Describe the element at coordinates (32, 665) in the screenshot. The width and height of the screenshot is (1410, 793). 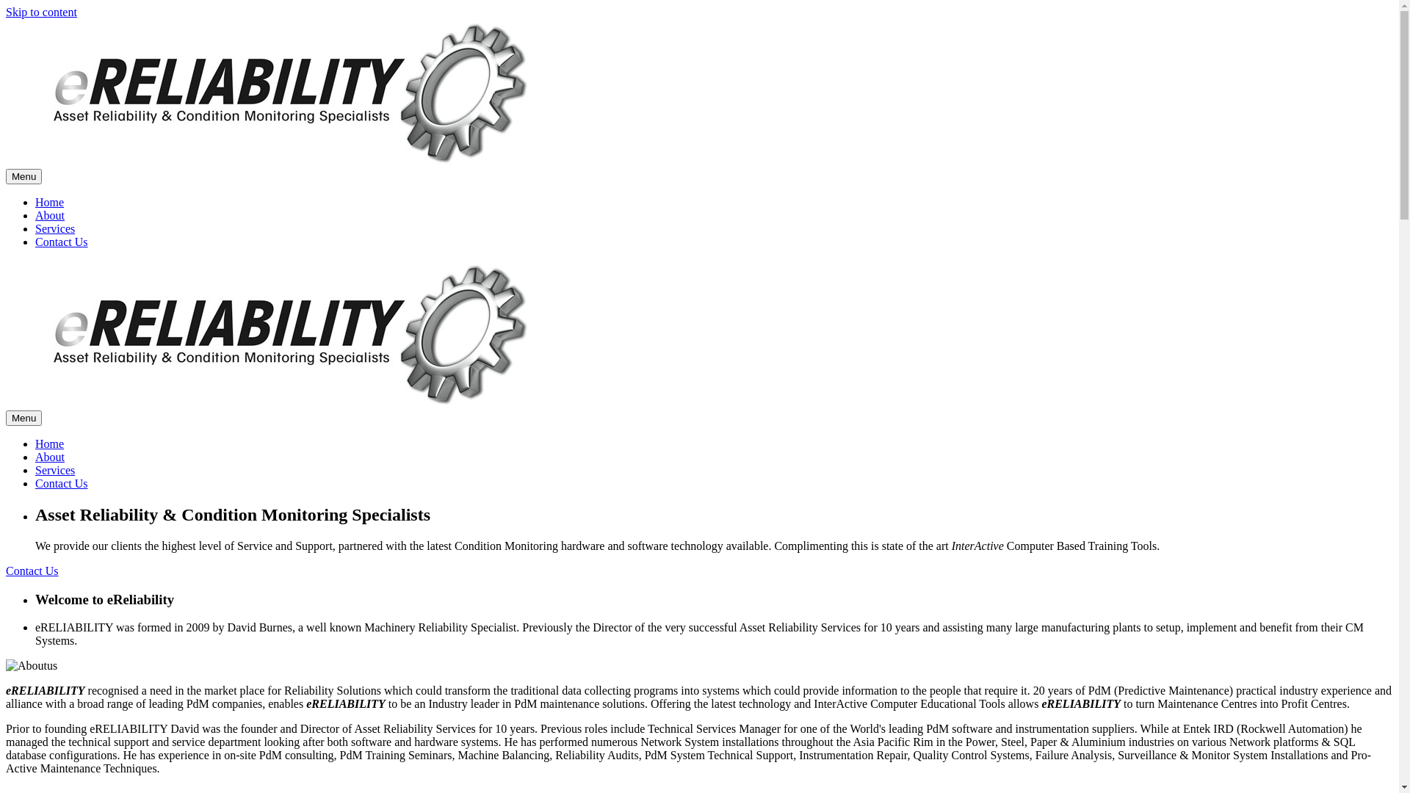
I see `'Aboutus'` at that location.